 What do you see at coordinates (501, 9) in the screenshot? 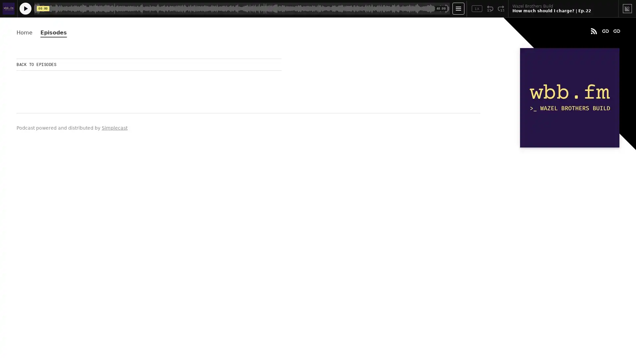
I see `Fast Forward 15 Seconds` at bounding box center [501, 9].